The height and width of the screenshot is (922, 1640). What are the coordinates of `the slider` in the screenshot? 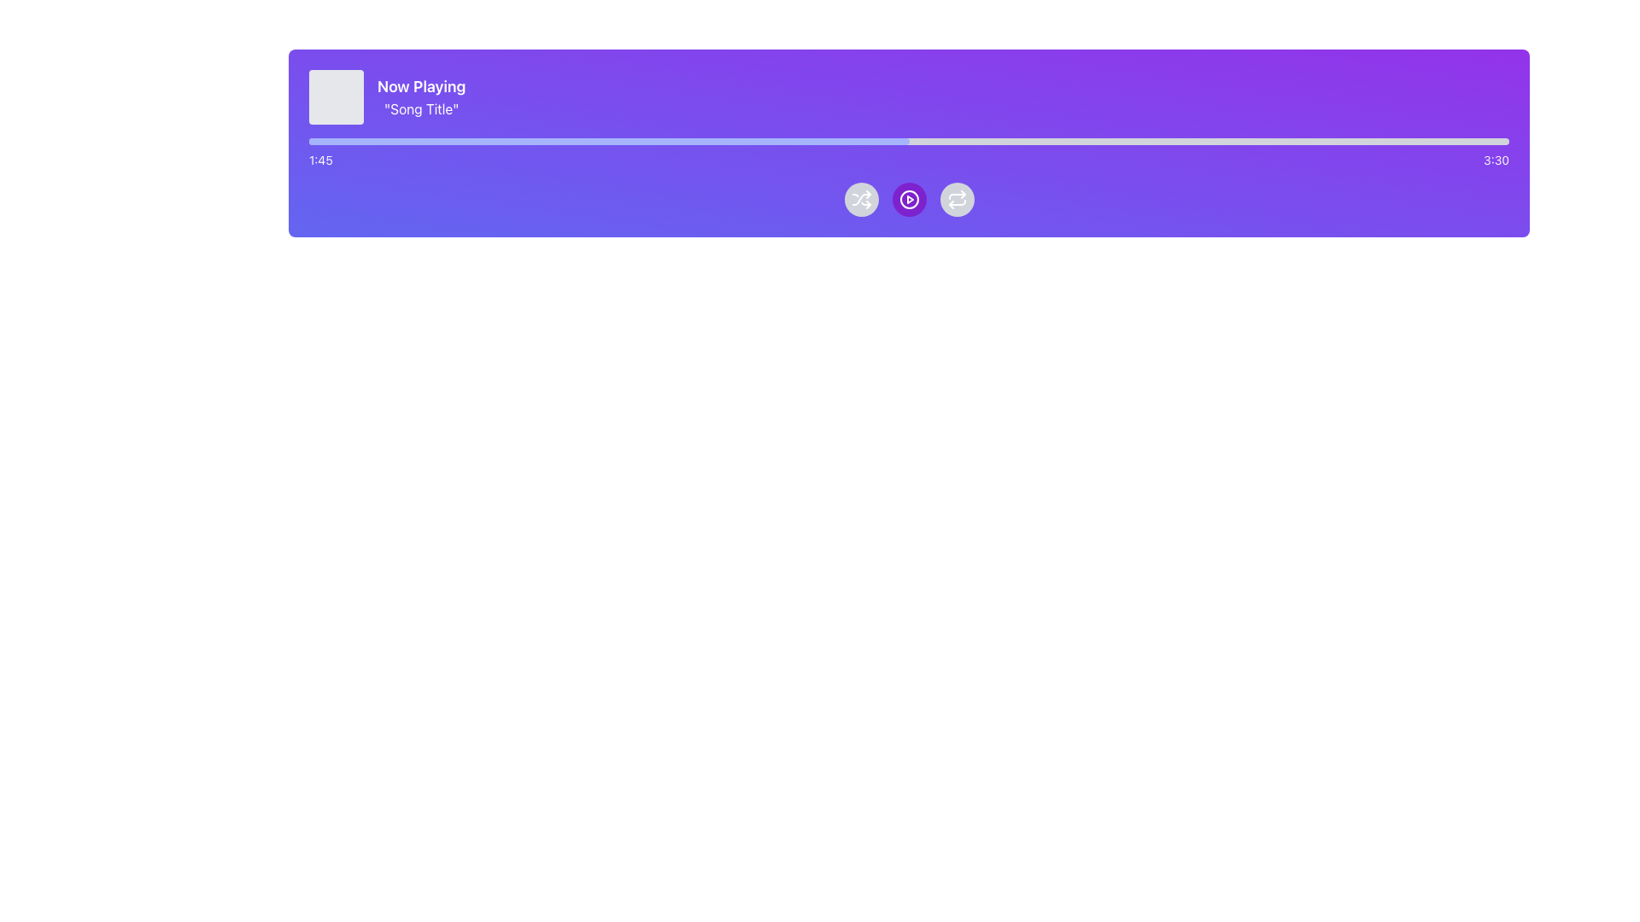 It's located at (600, 140).